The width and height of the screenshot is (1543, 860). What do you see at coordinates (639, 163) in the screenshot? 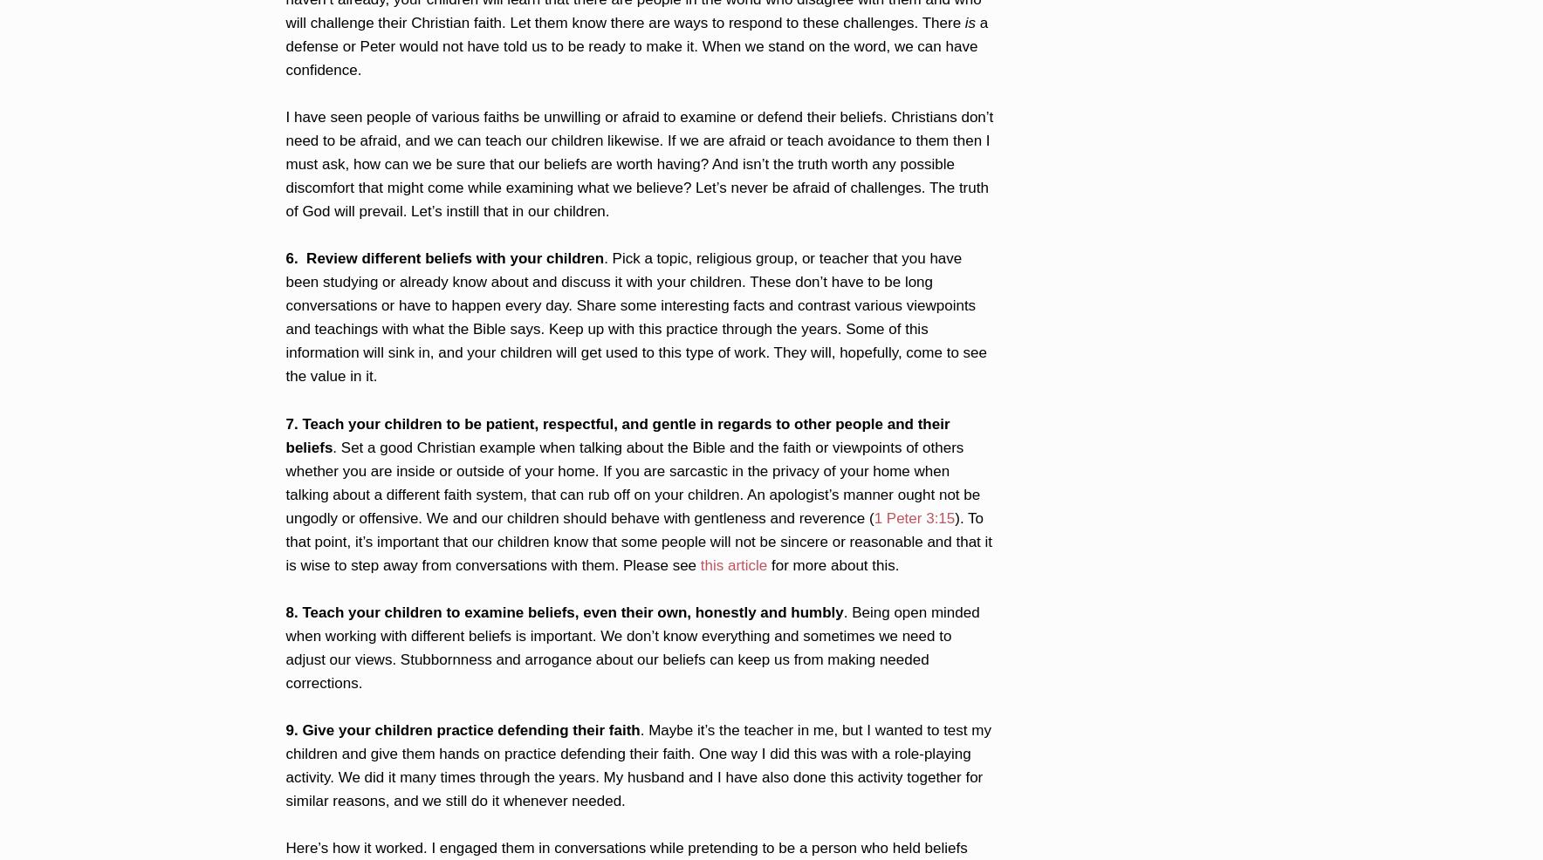
I see `'I have seen people of various faiths be unwilling or afraid to examine or defend their beliefs. Christians don’t need to be afraid, and we can teach our children likewise. If we are afraid or teach avoidance to them then I must ask, how can we be sure that our beliefs are worth having? And isn’t the truth worth any possible discomfort that might come while examining what we believe? Let’s never be afraid of challenges. The truth of God will prevail. Let’s instill that in our children.'` at bounding box center [639, 163].